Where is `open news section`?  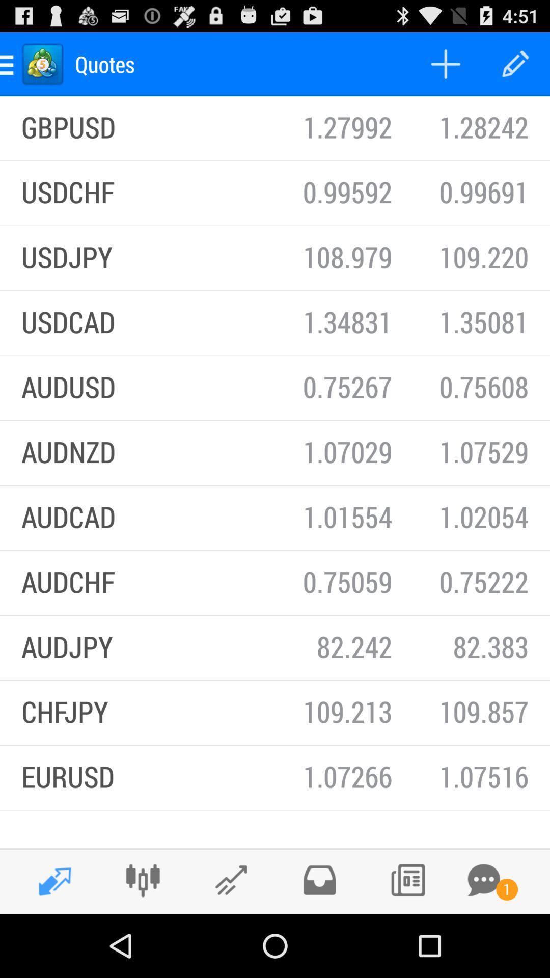
open news section is located at coordinates (407, 880).